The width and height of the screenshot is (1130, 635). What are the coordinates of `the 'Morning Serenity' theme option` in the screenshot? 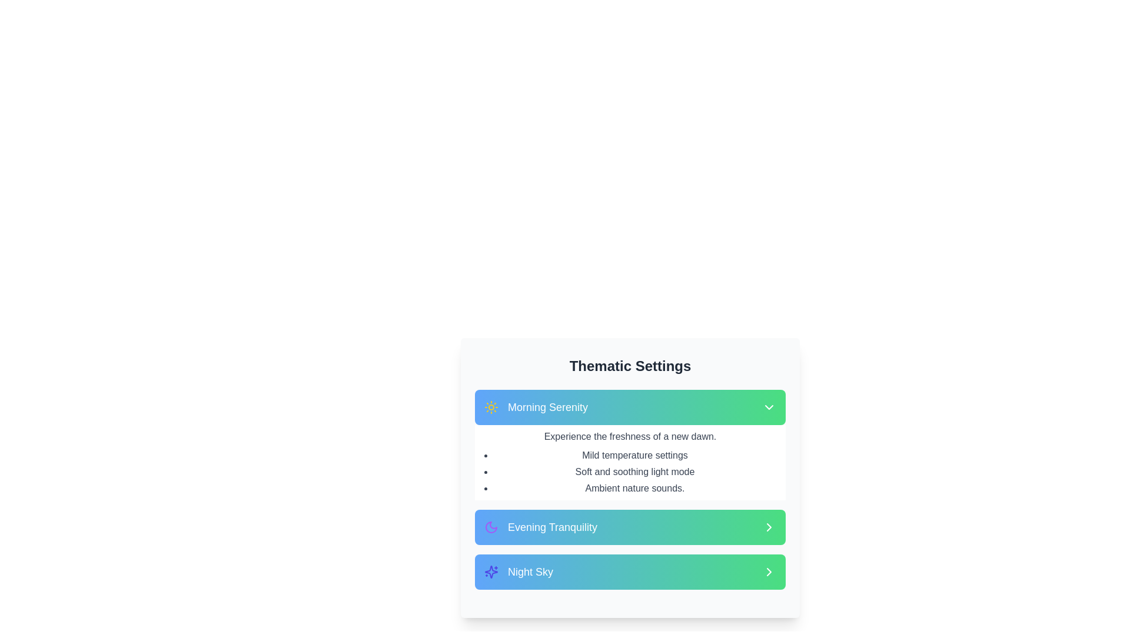 It's located at (536, 407).